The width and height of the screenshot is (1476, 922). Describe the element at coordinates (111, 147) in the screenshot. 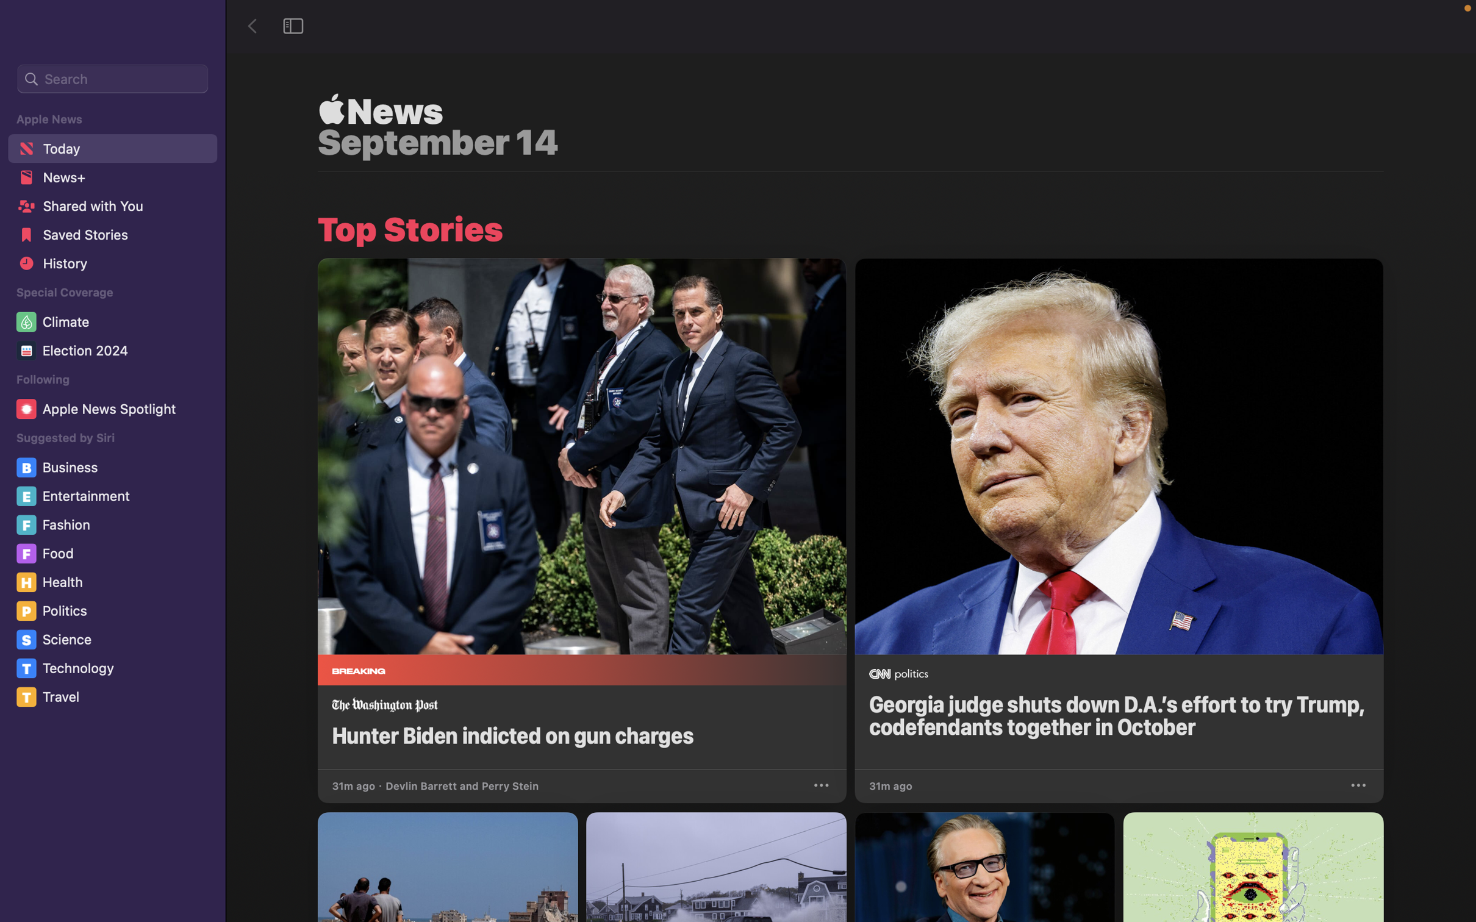

I see `the "Today" part` at that location.